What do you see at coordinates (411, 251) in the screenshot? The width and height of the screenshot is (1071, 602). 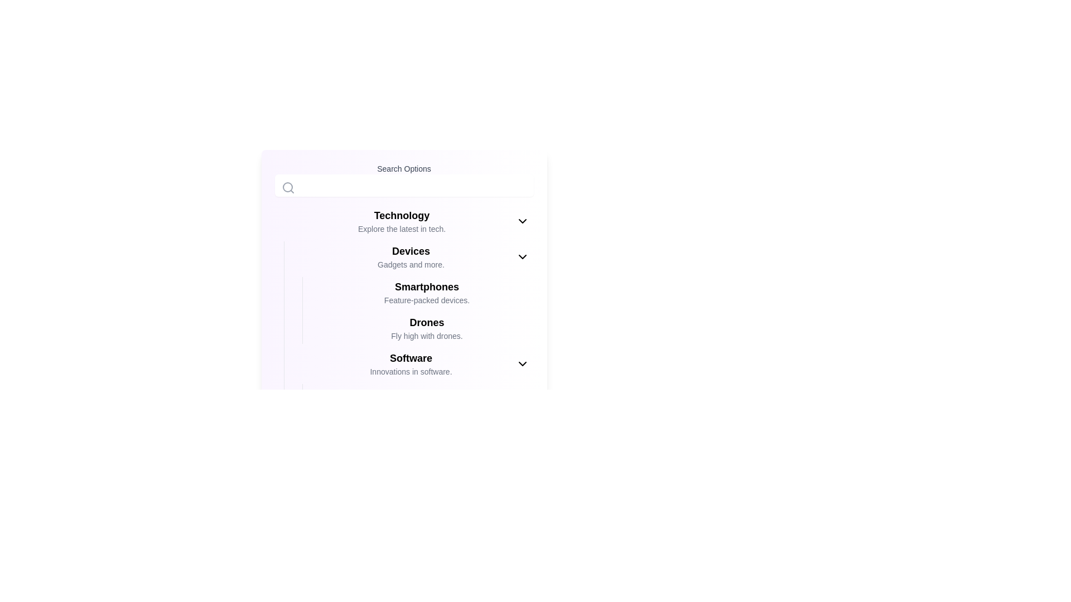 I see `the bold, black-colored text label 'Devices'` at bounding box center [411, 251].